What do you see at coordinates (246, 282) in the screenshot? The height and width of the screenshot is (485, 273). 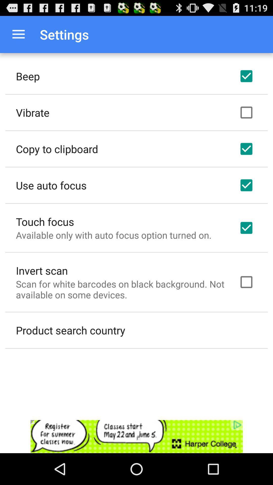 I see `the sixth check box which is after invert scan on page` at bounding box center [246, 282].